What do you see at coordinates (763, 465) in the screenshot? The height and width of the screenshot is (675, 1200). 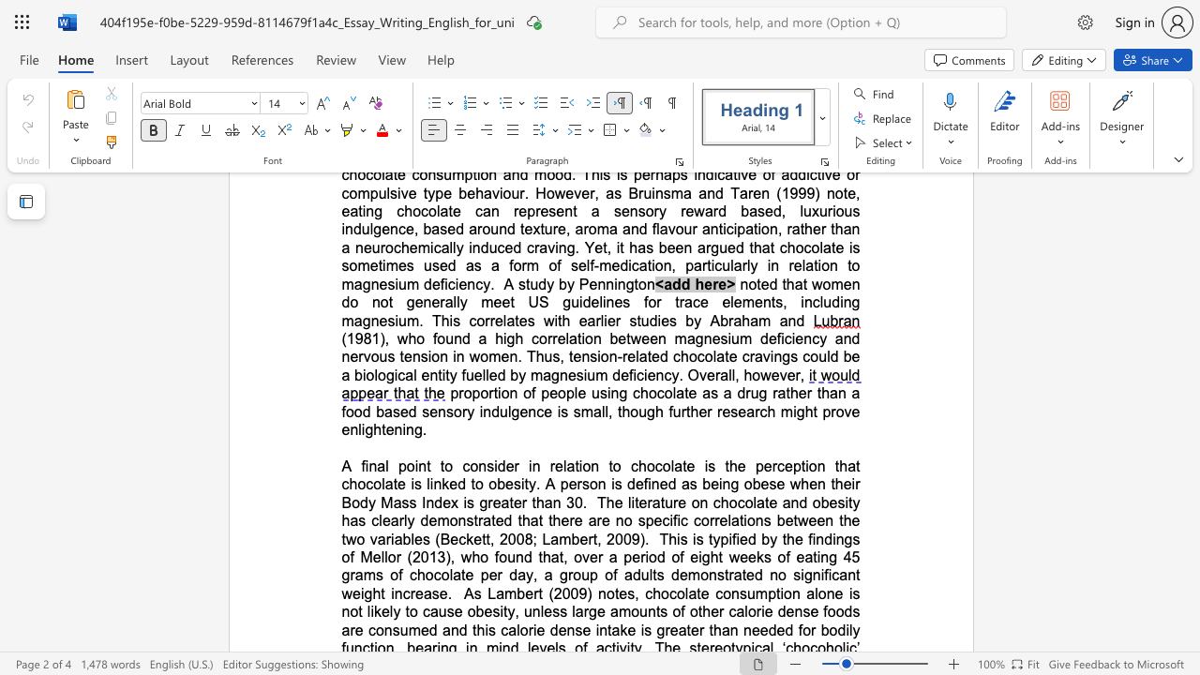 I see `the subset text "erce" within the text "perception"` at bounding box center [763, 465].